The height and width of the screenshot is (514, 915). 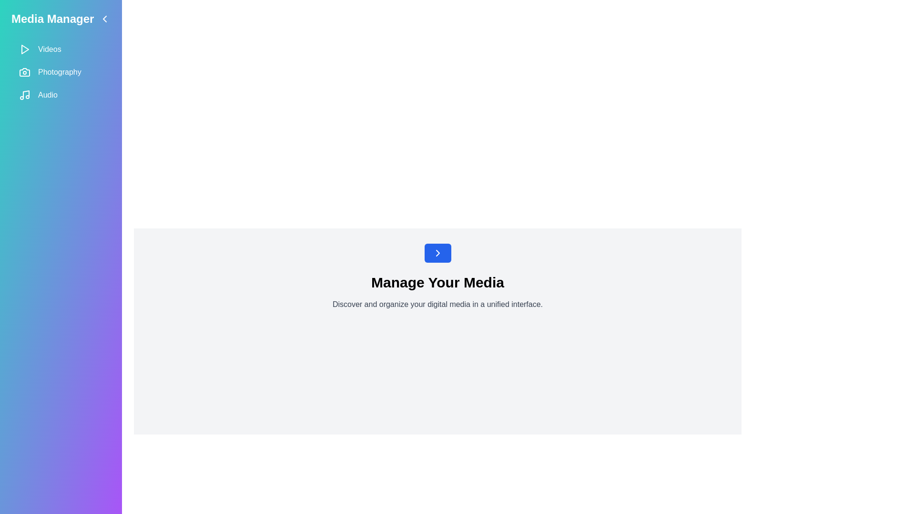 What do you see at coordinates (61, 49) in the screenshot?
I see `the Videos section from the sidebar menu` at bounding box center [61, 49].